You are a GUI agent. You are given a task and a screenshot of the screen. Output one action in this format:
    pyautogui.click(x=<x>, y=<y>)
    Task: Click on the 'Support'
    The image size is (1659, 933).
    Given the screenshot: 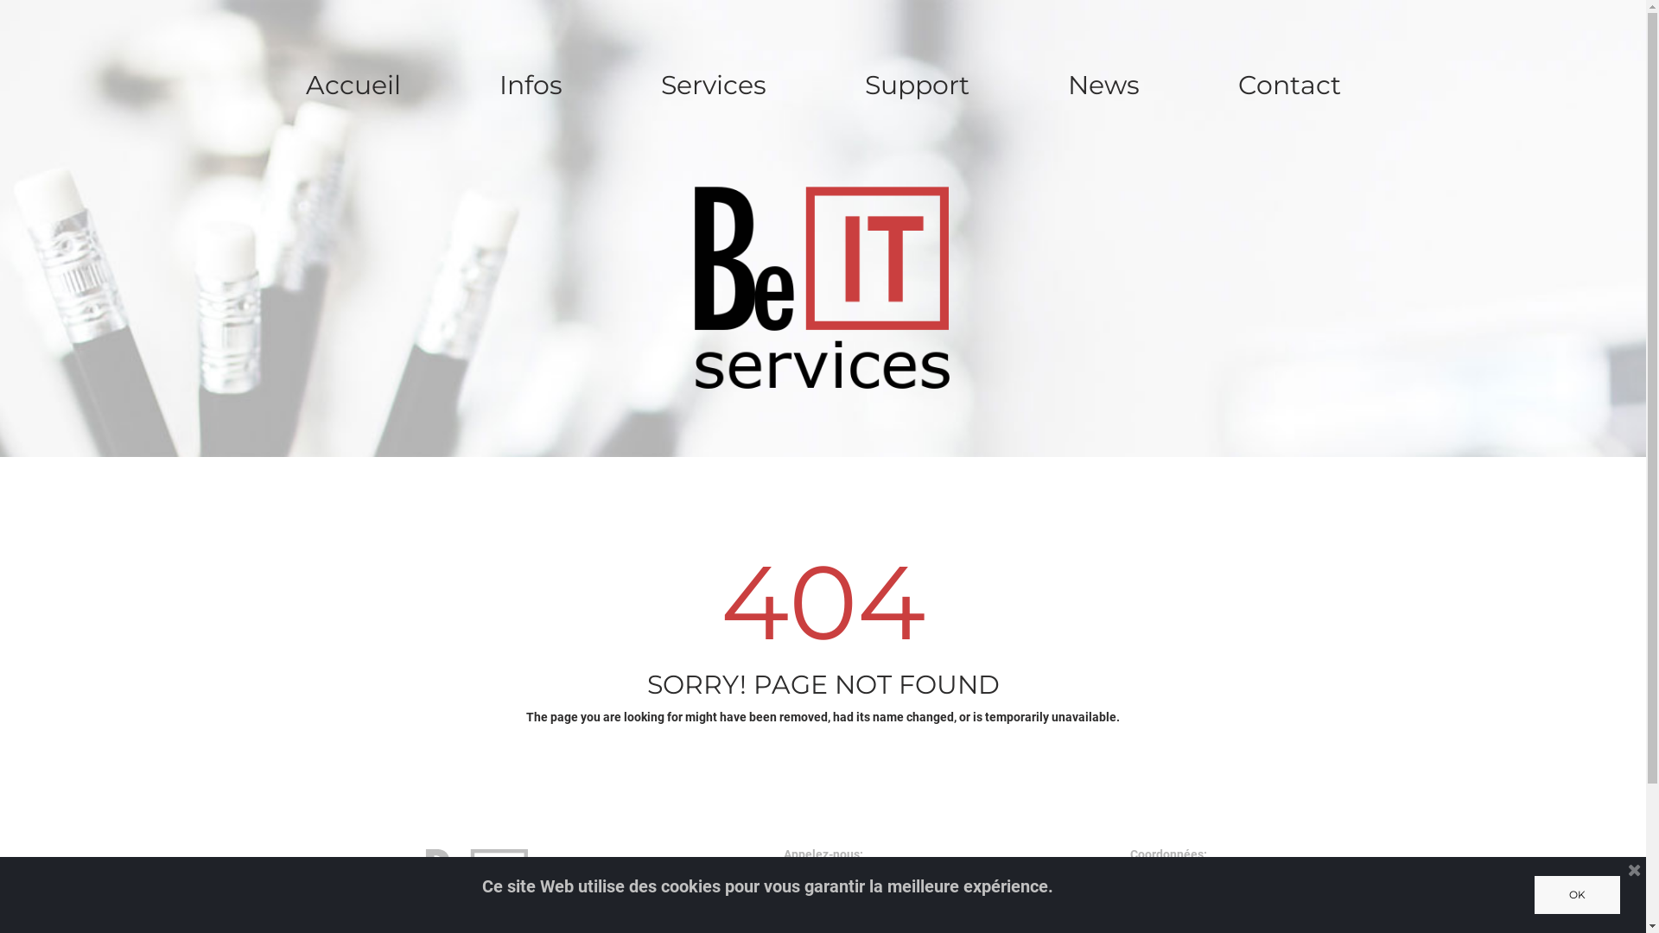 What is the action you would take?
    pyautogui.click(x=916, y=86)
    